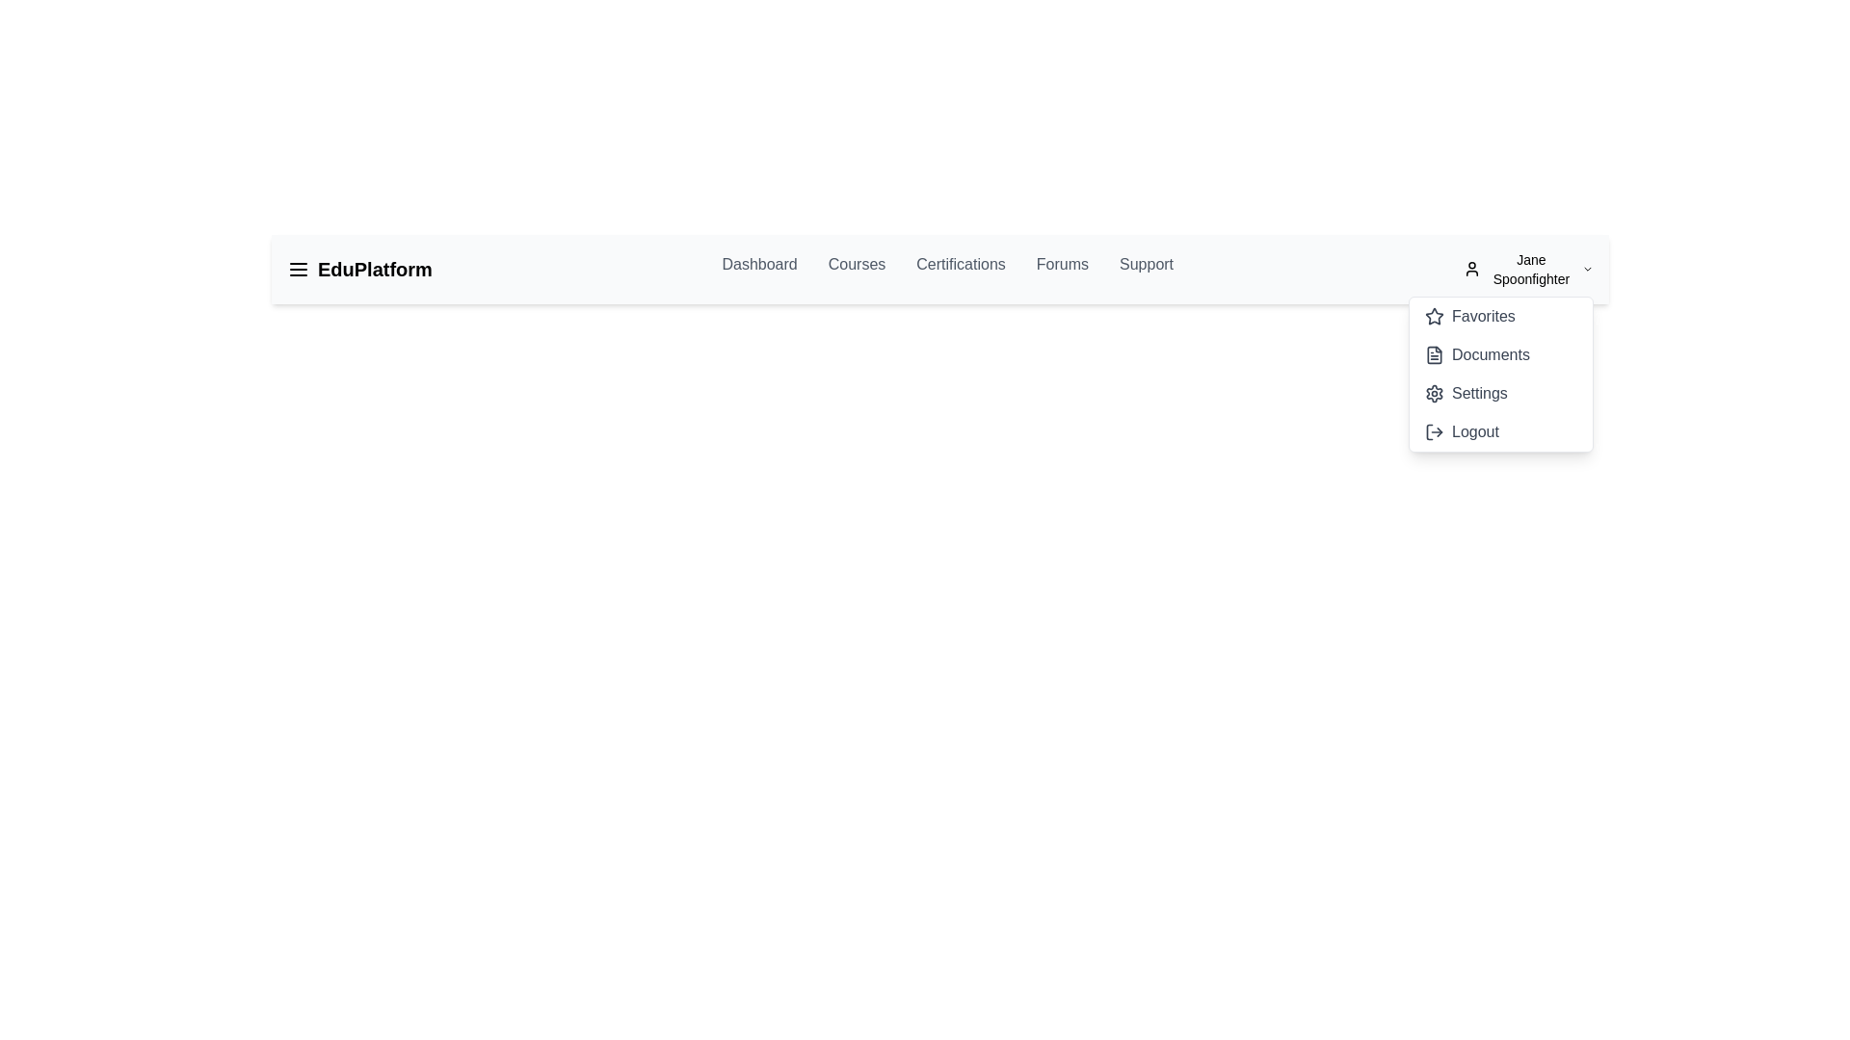 This screenshot has width=1850, height=1040. I want to click on the cogwheel icon in the dropdown menu located in the upper-right corner, so click(1434, 392).